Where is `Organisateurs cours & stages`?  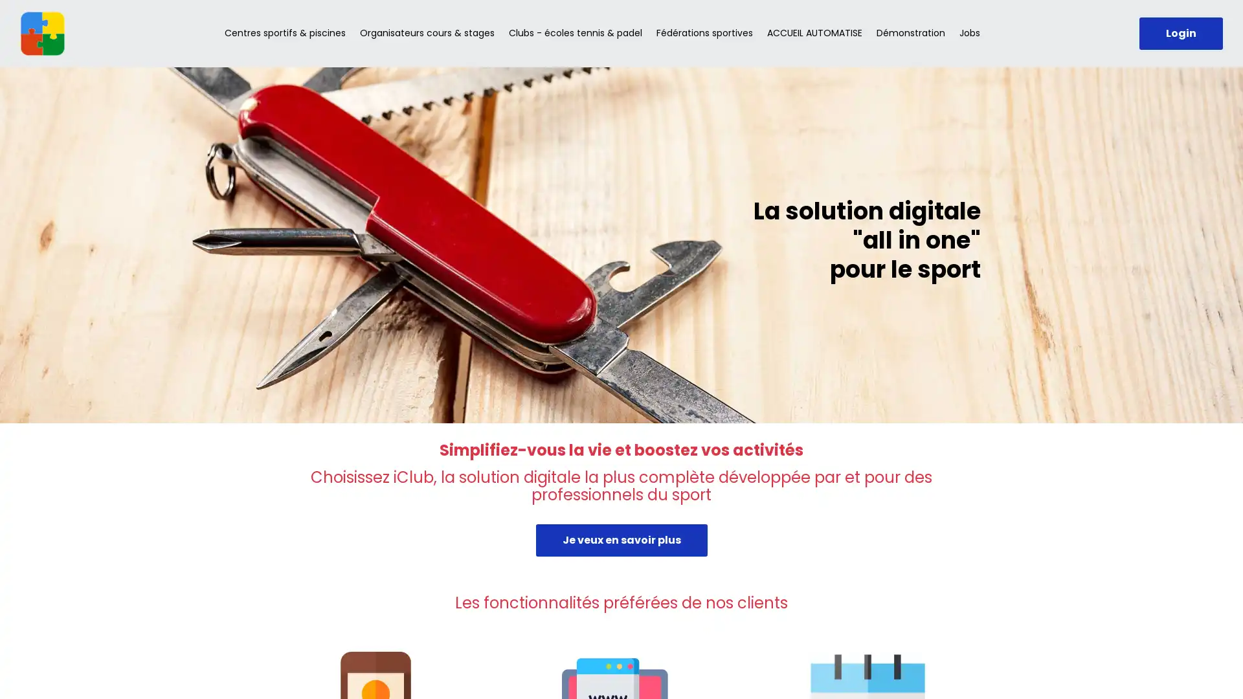
Organisateurs cours & stages is located at coordinates (426, 32).